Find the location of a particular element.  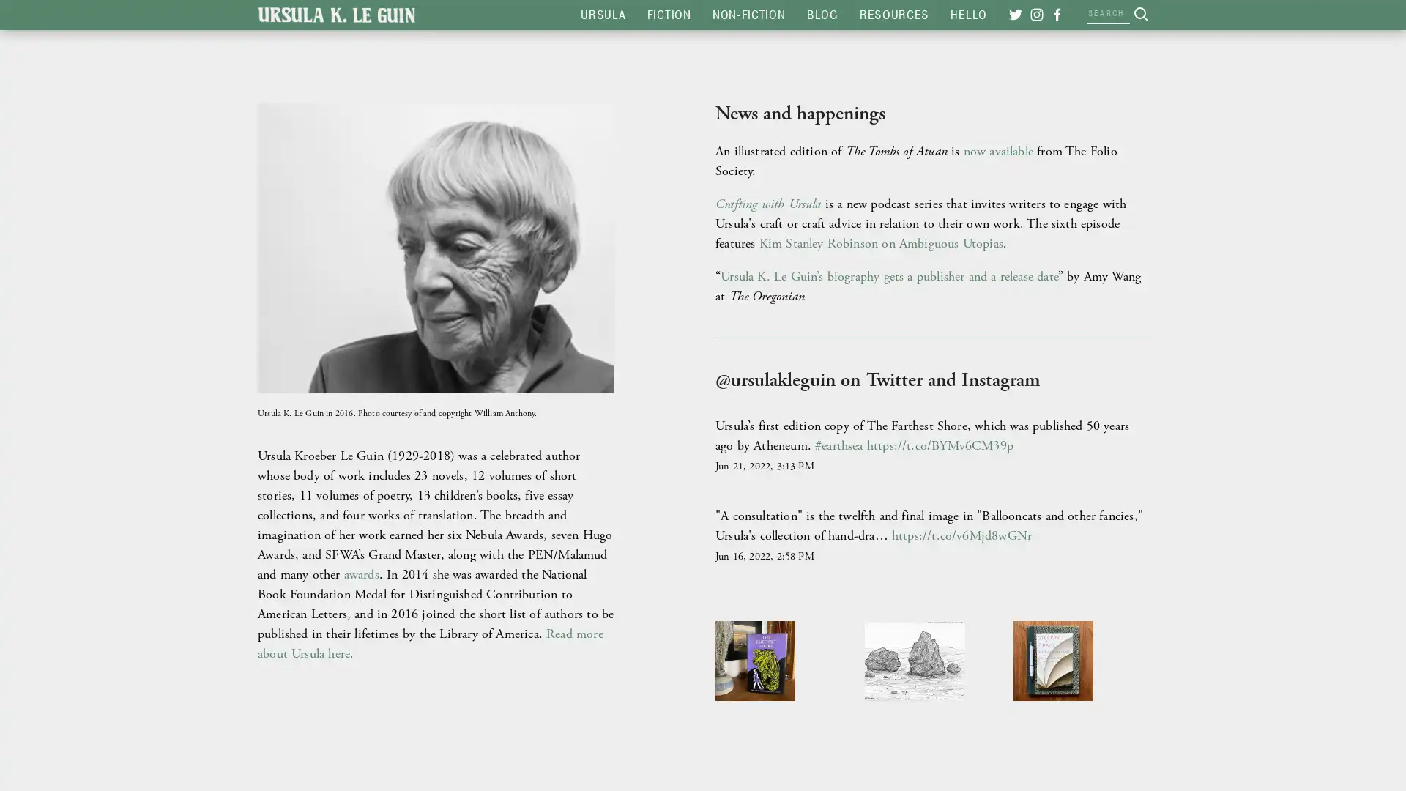

View fullsize &ldquo;A writer who wants to write good stuff needs to read great stuff. If you don&rsquo;t read widely, or read only writers in fashion at the moment, you&rsquo;ll have a limited idea of what can be done with the English language.&rdquo; &mdash;fr is located at coordinates (1080, 687).